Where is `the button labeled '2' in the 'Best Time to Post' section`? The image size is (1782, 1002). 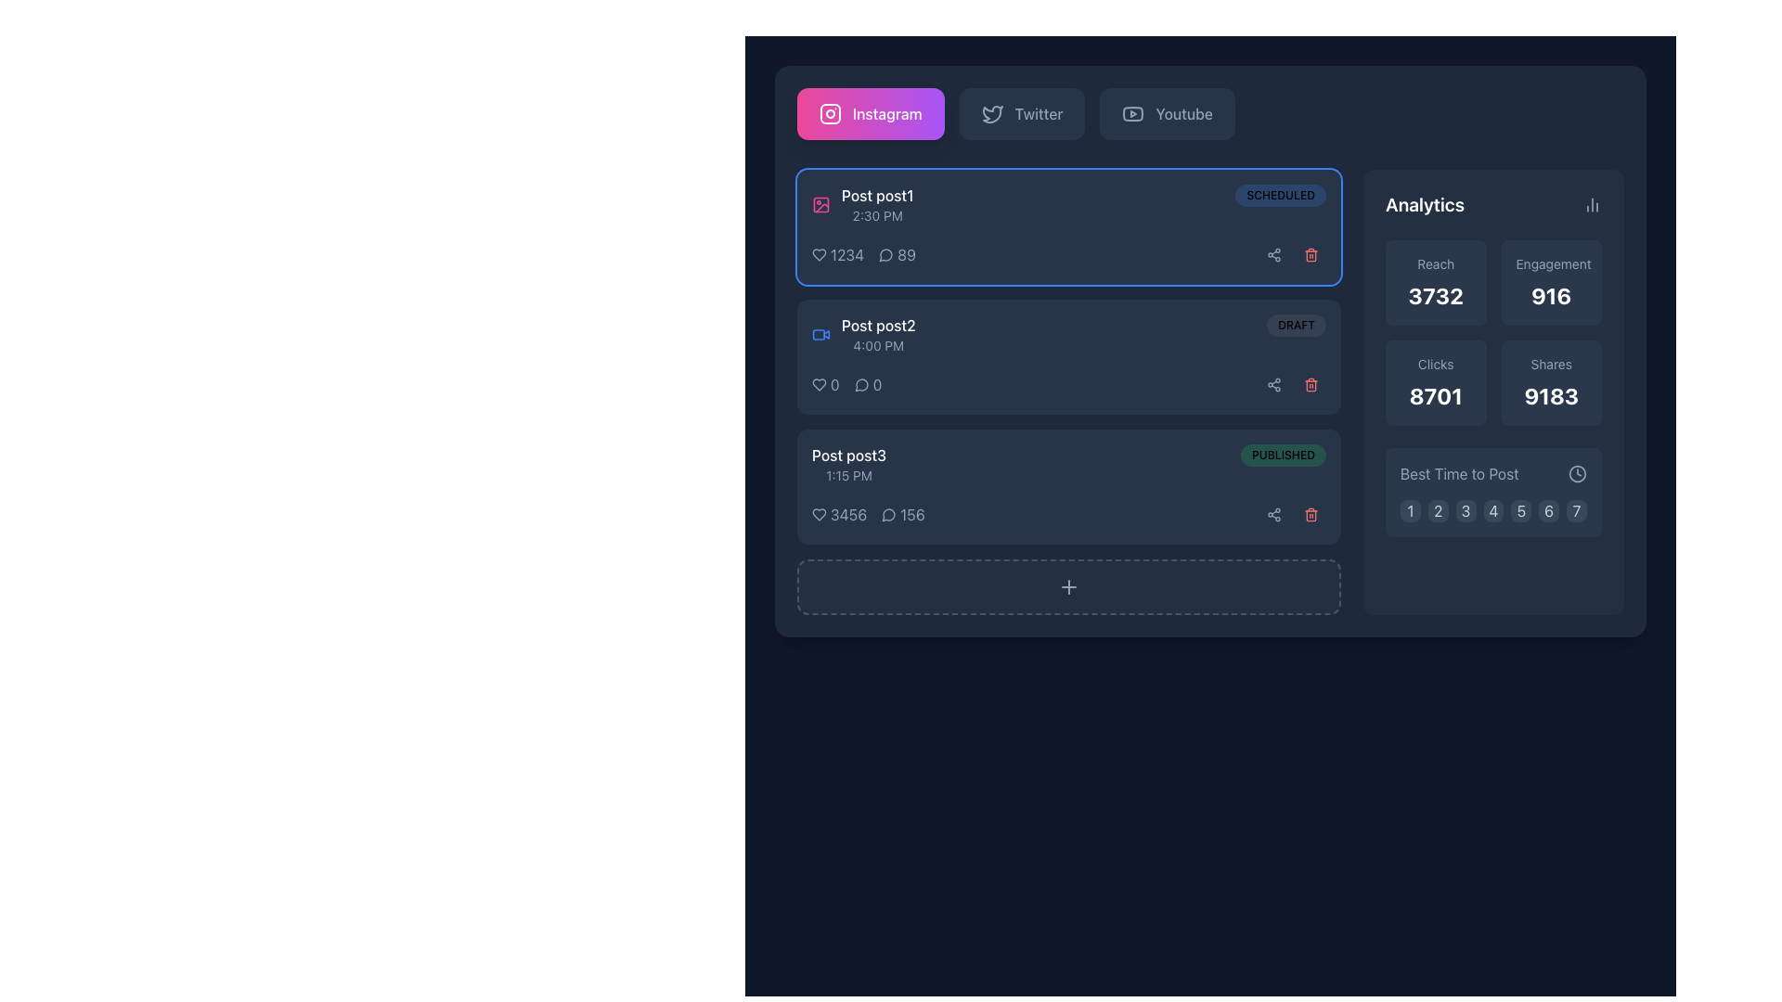
the button labeled '2' in the 'Best Time to Post' section is located at coordinates (1437, 511).